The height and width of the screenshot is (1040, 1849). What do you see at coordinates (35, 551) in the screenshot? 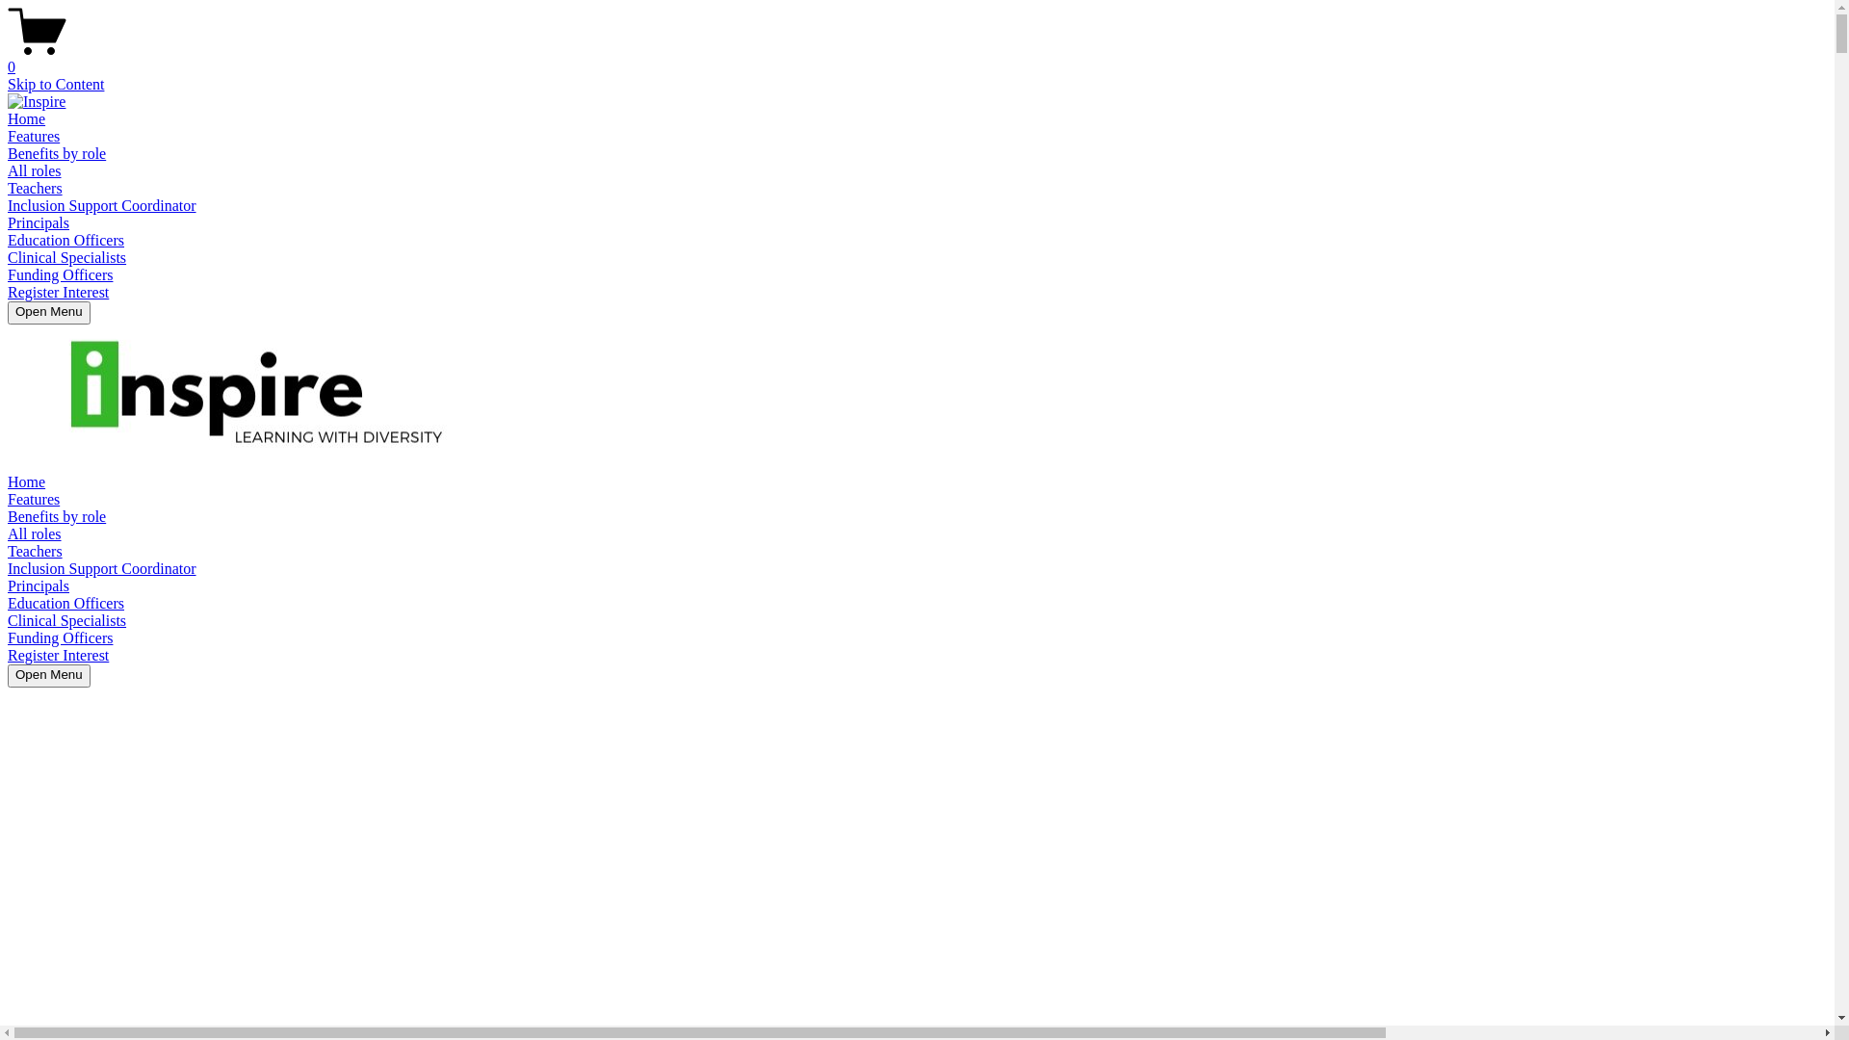
I see `'Teachers'` at bounding box center [35, 551].